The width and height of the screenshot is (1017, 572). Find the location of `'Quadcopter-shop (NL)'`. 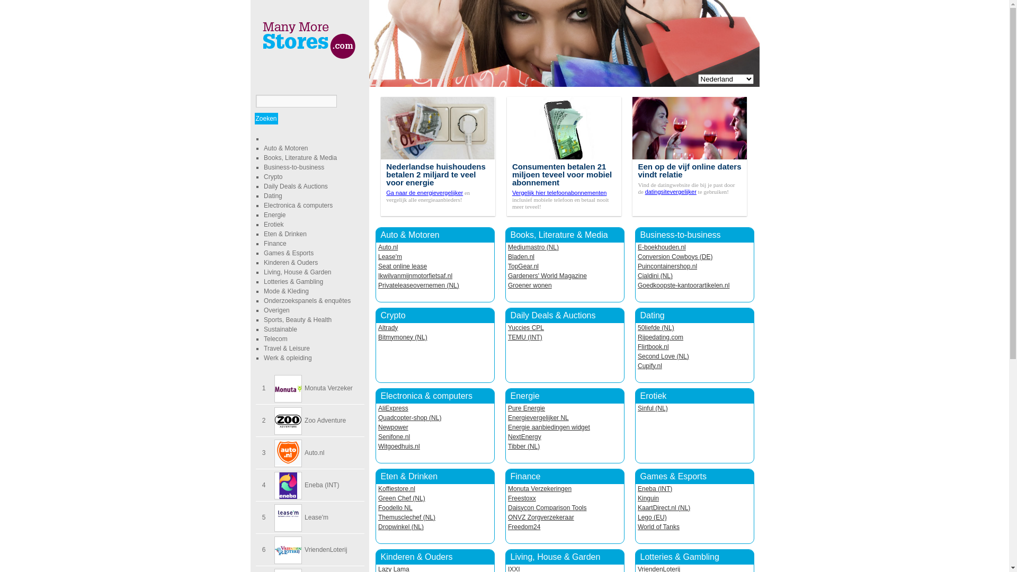

'Quadcopter-shop (NL)' is located at coordinates (409, 417).